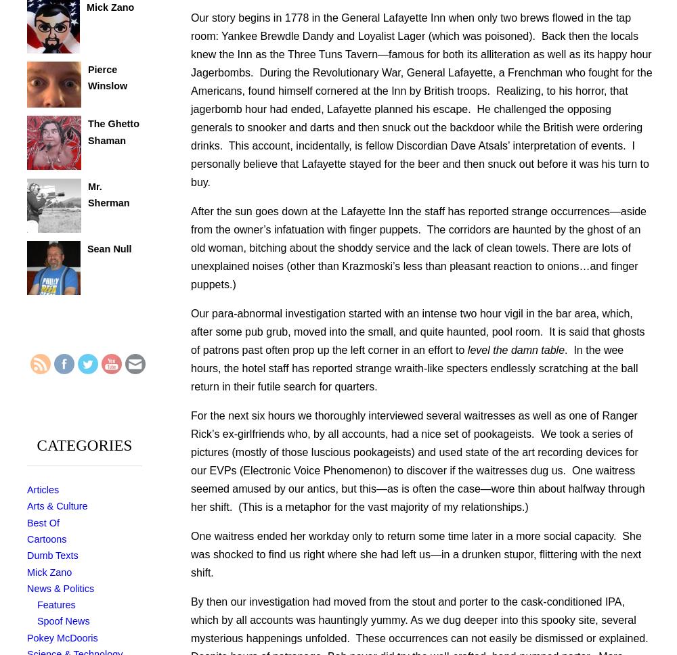 The height and width of the screenshot is (655, 677). I want to click on 'Cartoons', so click(46, 537).